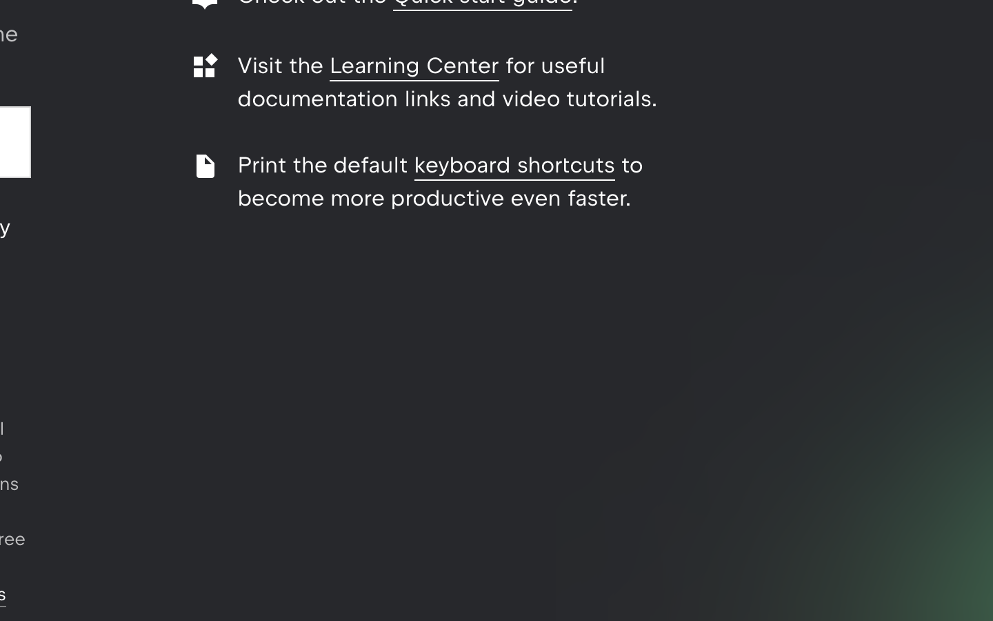  What do you see at coordinates (326, 164) in the screenshot?
I see `'Print the default'` at bounding box center [326, 164].